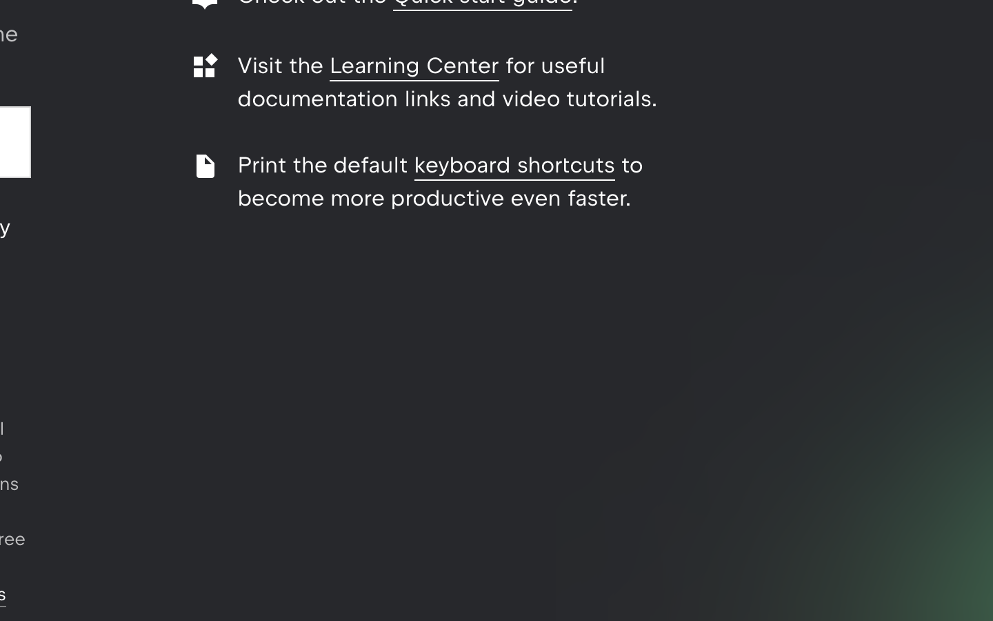  What do you see at coordinates (326, 164) in the screenshot?
I see `'Print the default'` at bounding box center [326, 164].